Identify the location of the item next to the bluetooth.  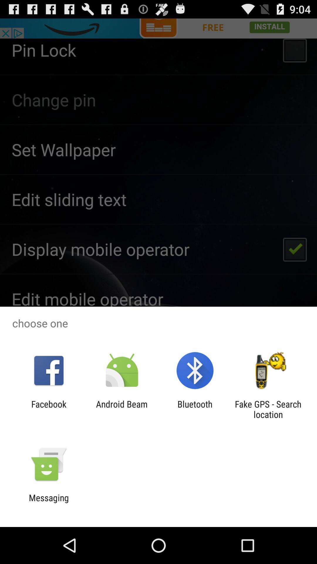
(122, 409).